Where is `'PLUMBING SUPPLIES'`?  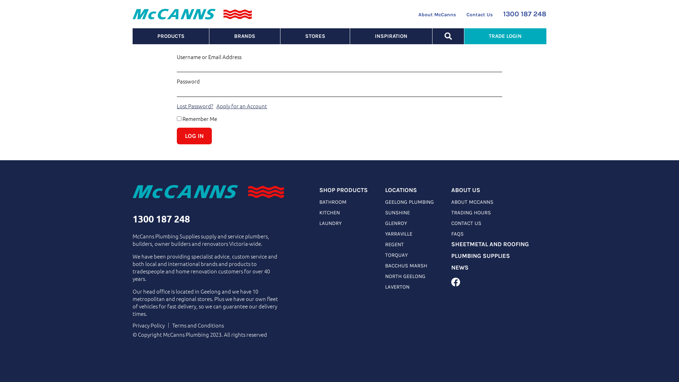
'PLUMBING SUPPLIES' is located at coordinates (480, 256).